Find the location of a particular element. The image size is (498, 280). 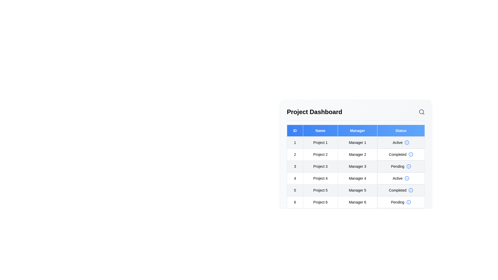

the information icon for the status of project 2 is located at coordinates (411, 154).